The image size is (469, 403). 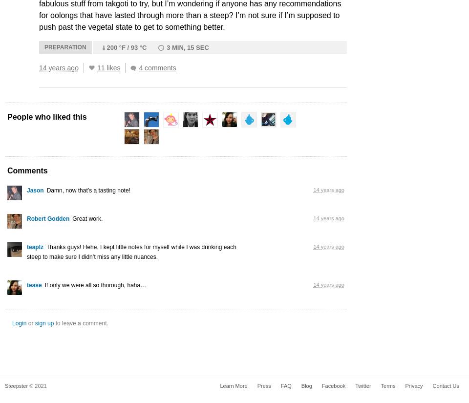 I want to click on 'or', so click(x=30, y=322).